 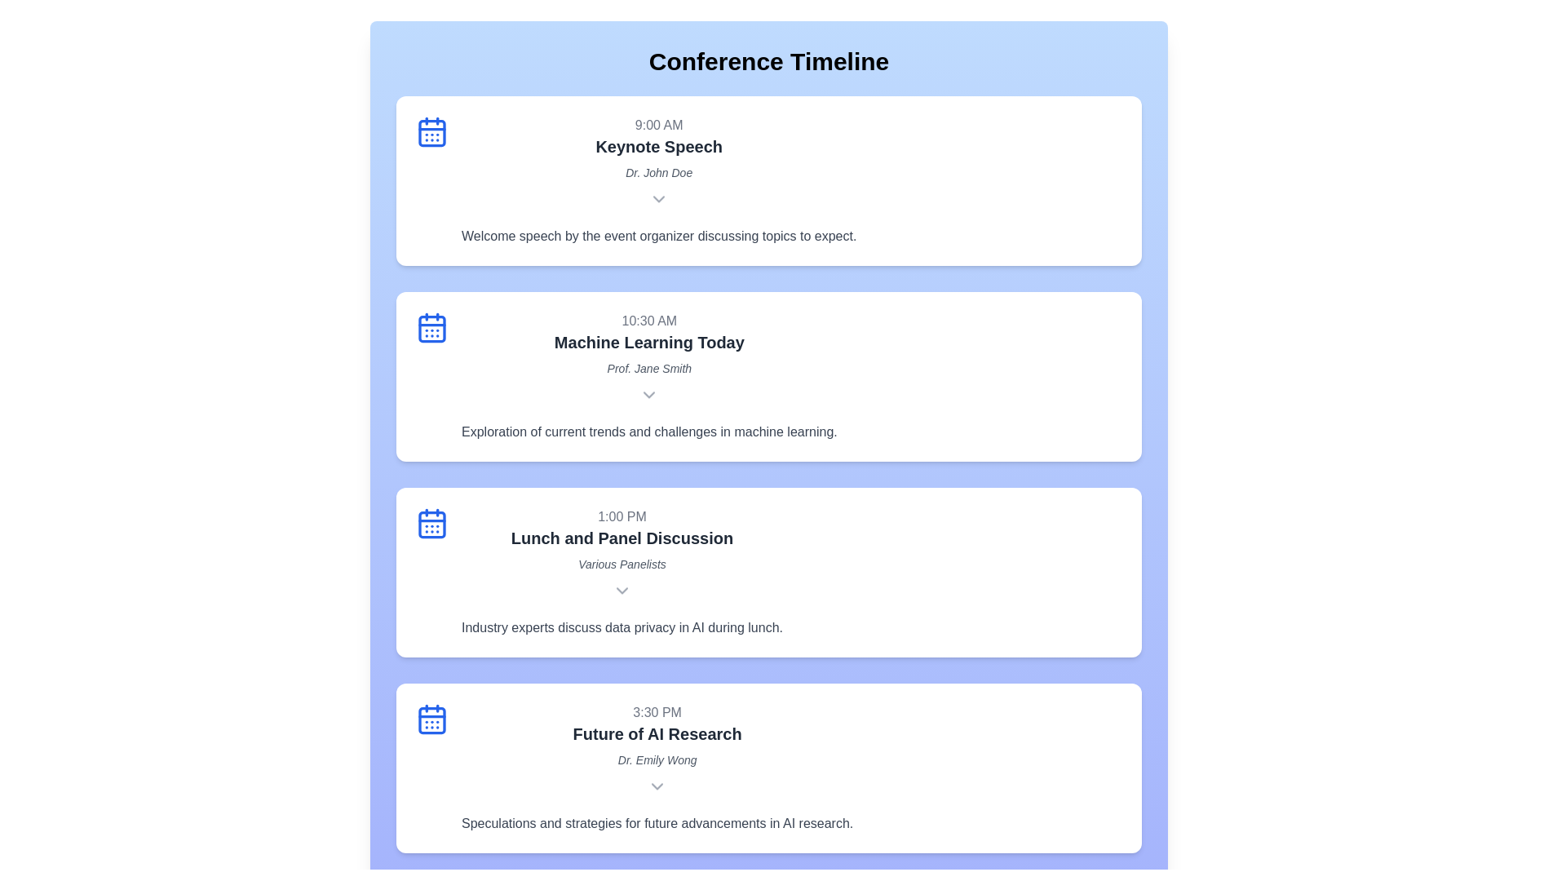 What do you see at coordinates (648, 321) in the screenshot?
I see `time displayed in the Text Label showing '10:30 AM', which is prominently styled in medium gray font and located at the top-center of its section` at bounding box center [648, 321].